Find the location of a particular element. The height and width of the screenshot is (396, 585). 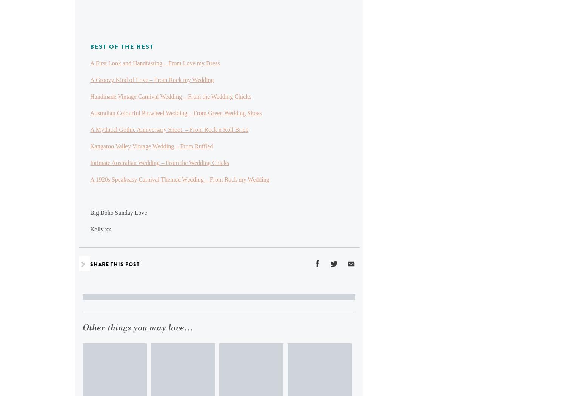

'A Groovy Kind of Love – From Rock my Wedding' is located at coordinates (90, 80).